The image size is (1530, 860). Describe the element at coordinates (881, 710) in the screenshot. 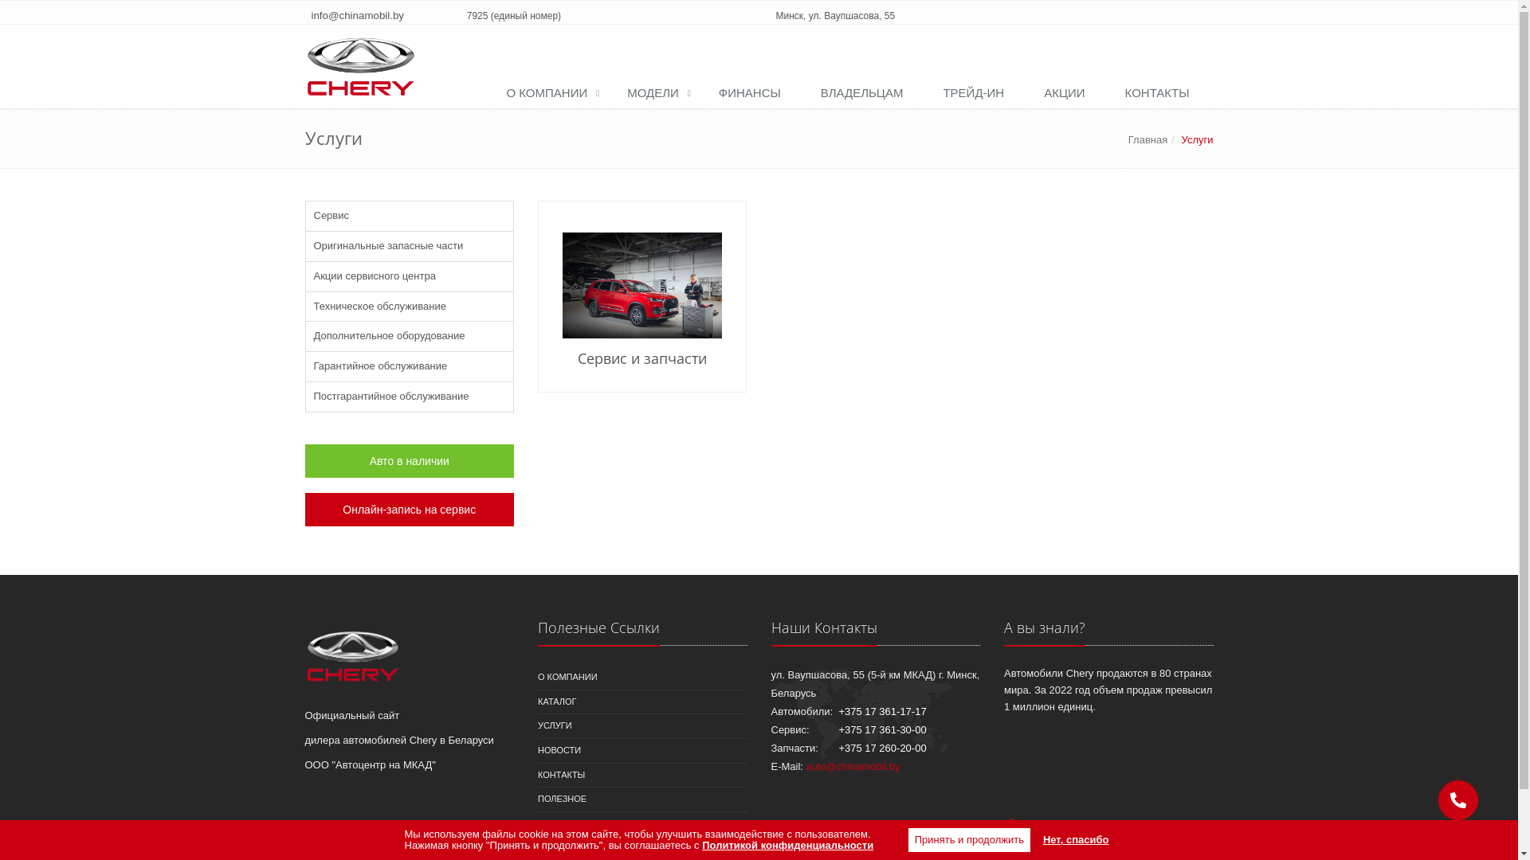

I see `'+375 17 361-17-17'` at that location.